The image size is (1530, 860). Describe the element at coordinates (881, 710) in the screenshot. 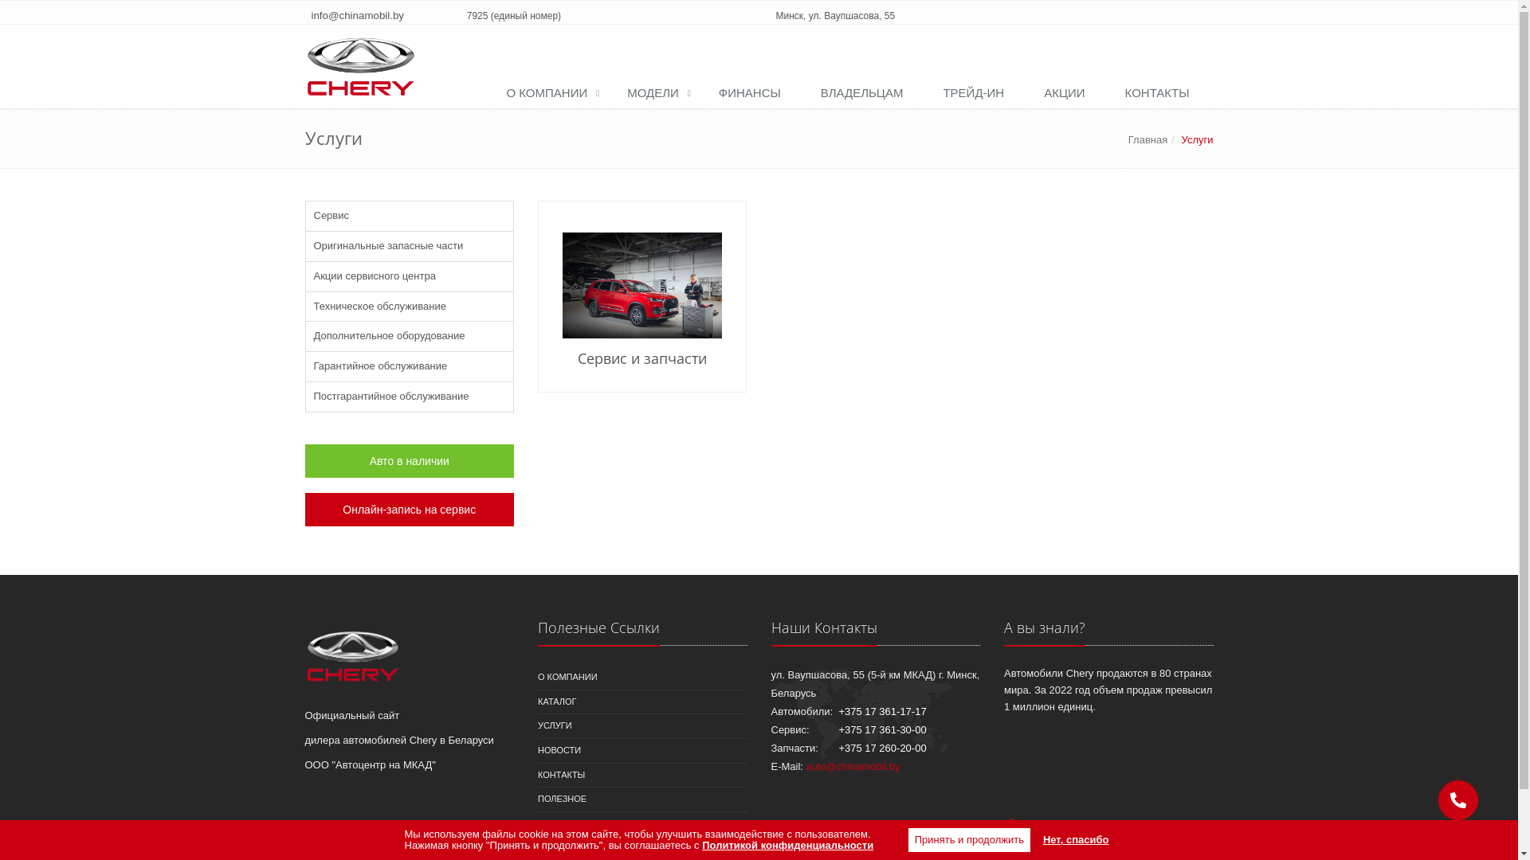

I see `'+375 17 361-17-17'` at that location.